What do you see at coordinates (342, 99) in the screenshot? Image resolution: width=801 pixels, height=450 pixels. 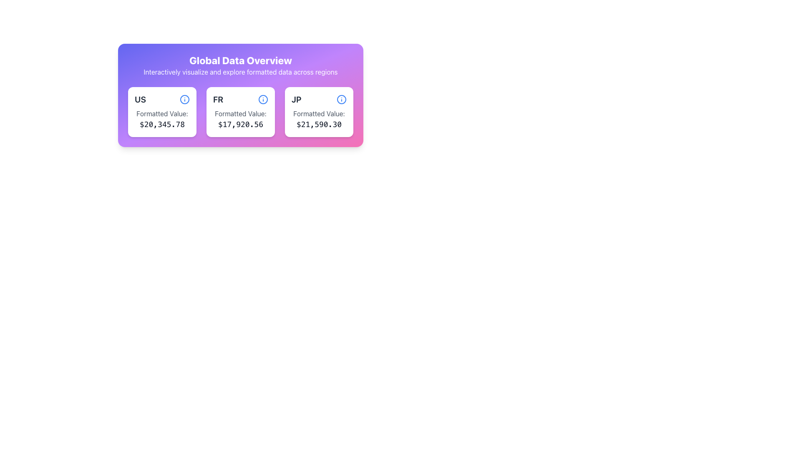 I see `the blue circular information icon with an outlined 'i' in the center, located to the right of the label 'JP' and above the value '$21,590.30'` at bounding box center [342, 99].